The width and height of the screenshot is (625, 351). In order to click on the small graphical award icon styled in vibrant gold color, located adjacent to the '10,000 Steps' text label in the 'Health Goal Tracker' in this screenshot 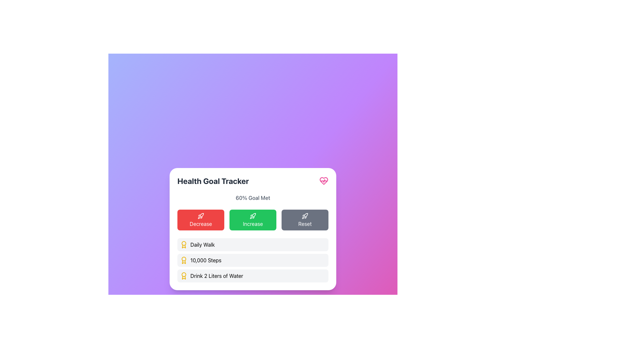, I will do `click(184, 260)`.